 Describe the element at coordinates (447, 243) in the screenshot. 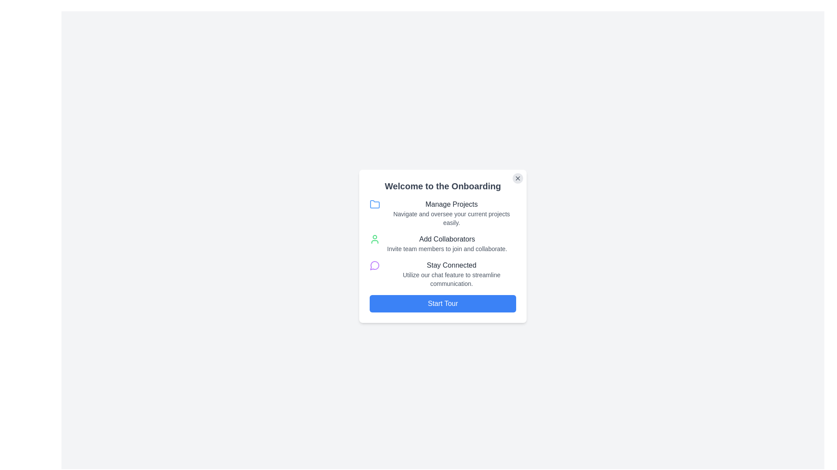

I see `the informational text block that provides a title and description for adding collaborators to a project, positioned centrally in the dialog box below 'Manage Projects' and above 'Stay Connected'` at that location.